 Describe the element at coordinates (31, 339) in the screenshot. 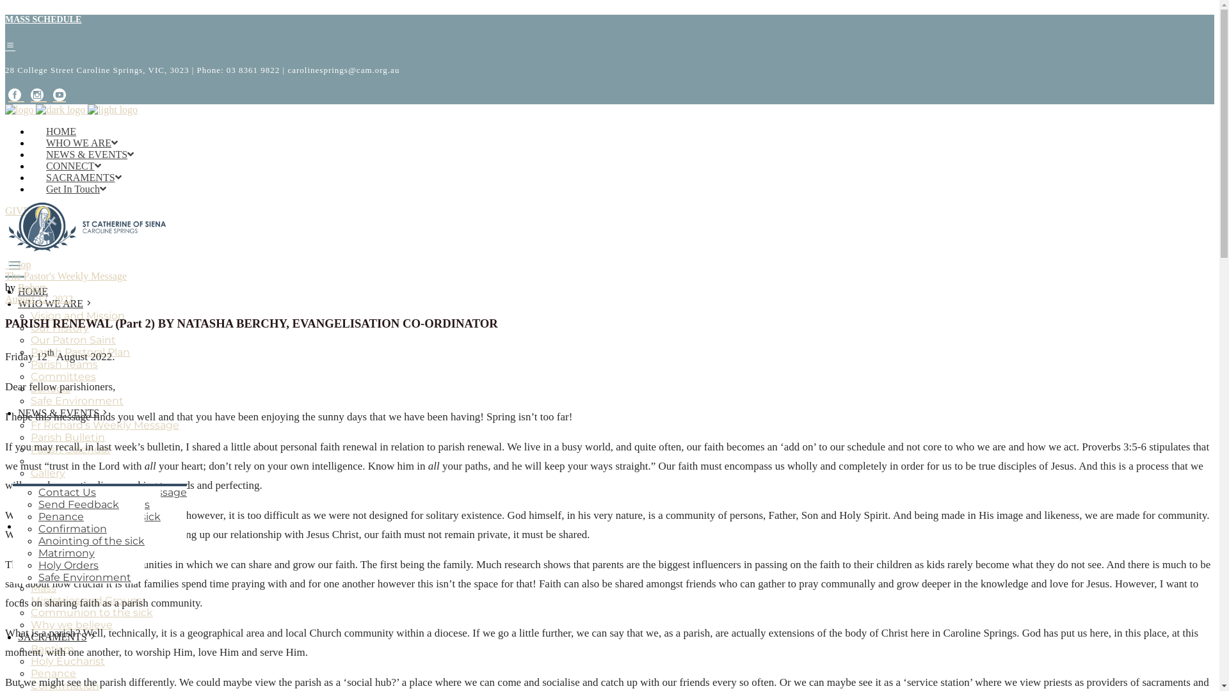

I see `'Our Patron Saint'` at that location.